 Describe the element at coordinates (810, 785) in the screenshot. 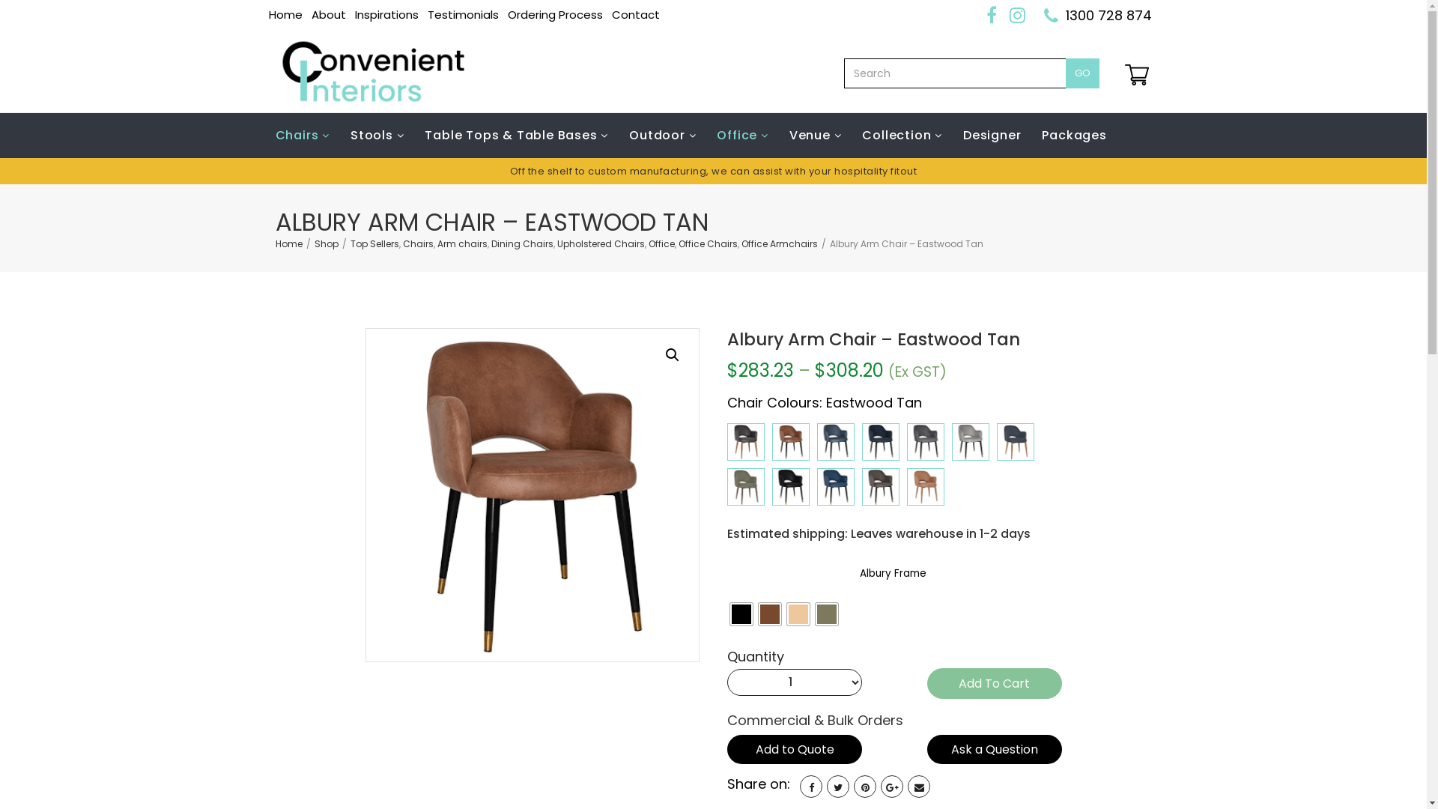

I see `'facebook'` at that location.